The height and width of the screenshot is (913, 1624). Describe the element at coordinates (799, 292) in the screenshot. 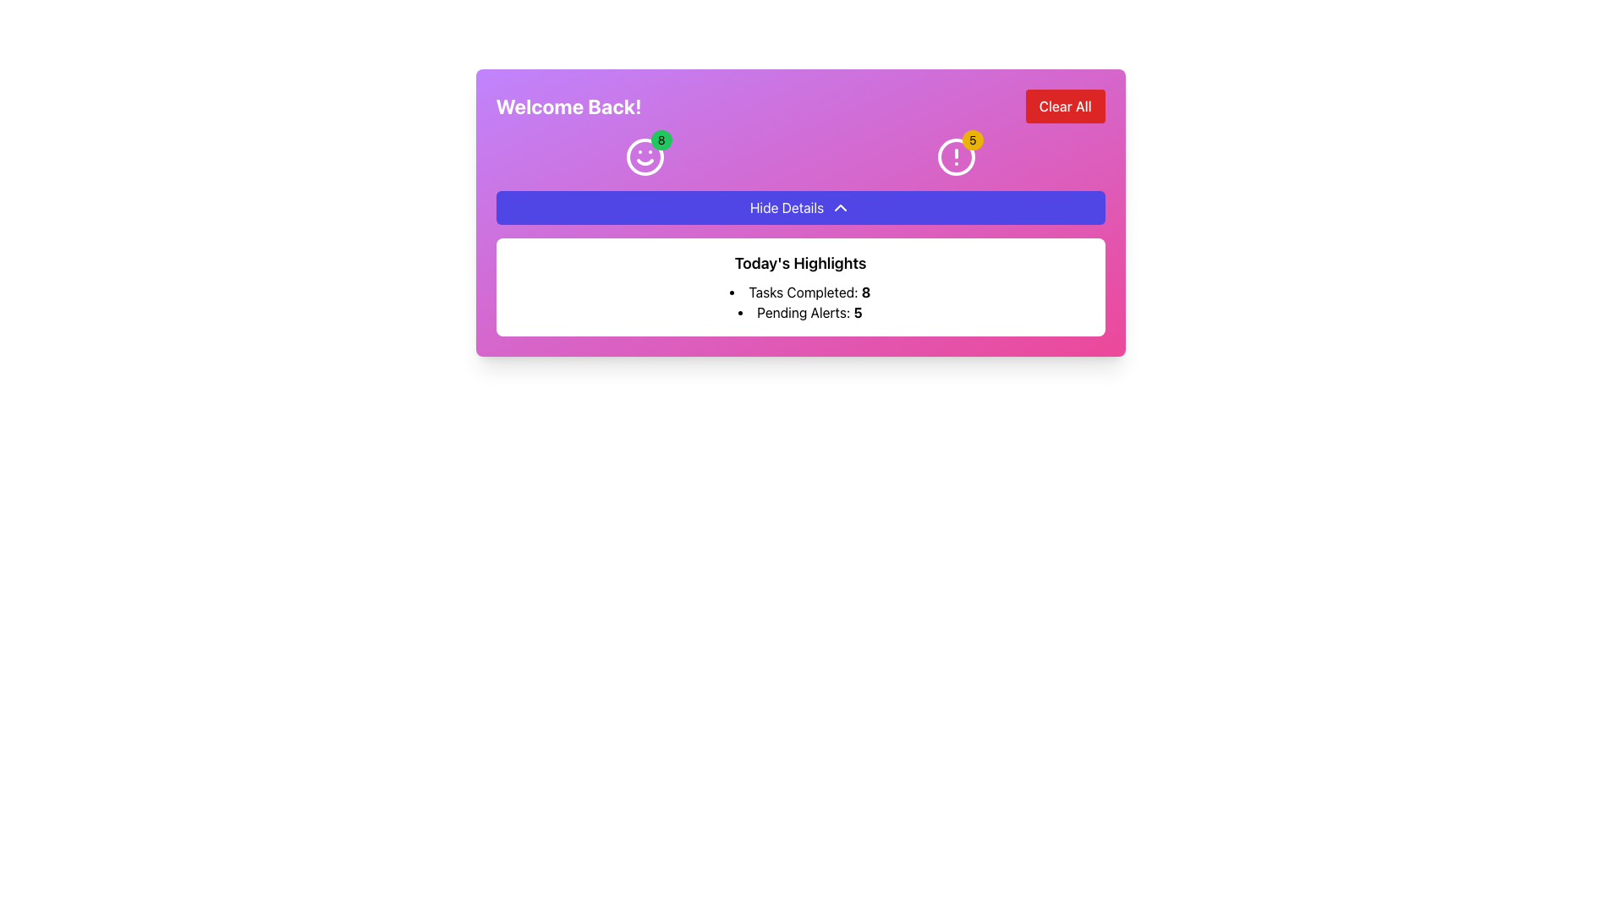

I see `the text label displaying 'Tasks Completed: 8', which is the first item under 'Today's Highlights' and located below the 'Hide Details' button` at that location.